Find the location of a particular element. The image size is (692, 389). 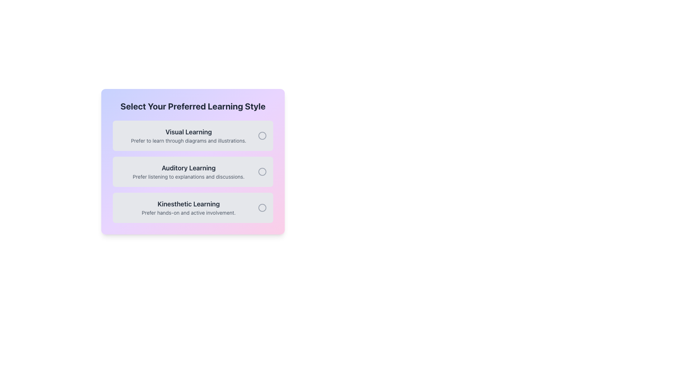

static text labeled 'Prefer to learn through diagrams and illustrations.' located below the 'Visual Learning' title is located at coordinates (188, 140).